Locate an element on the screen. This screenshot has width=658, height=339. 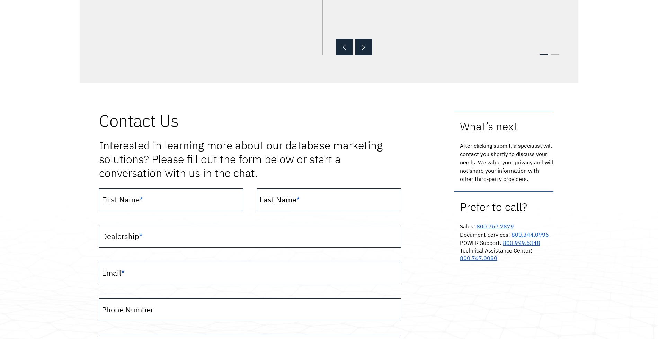
'Document Services' is located at coordinates (484, 234).